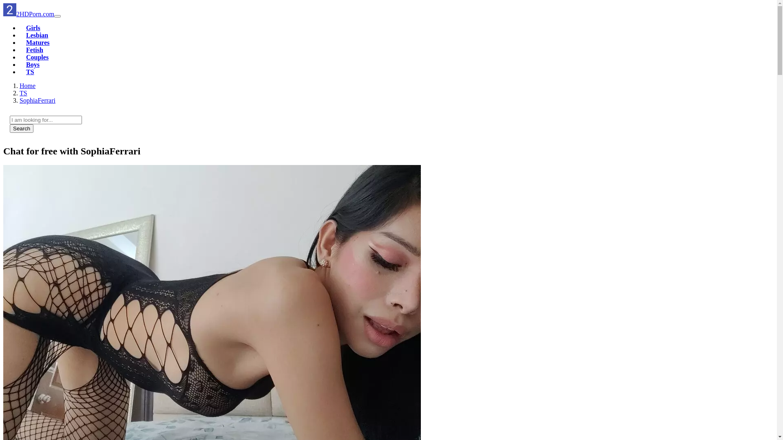 Image resolution: width=783 pixels, height=440 pixels. I want to click on 'Girls', so click(33, 27).